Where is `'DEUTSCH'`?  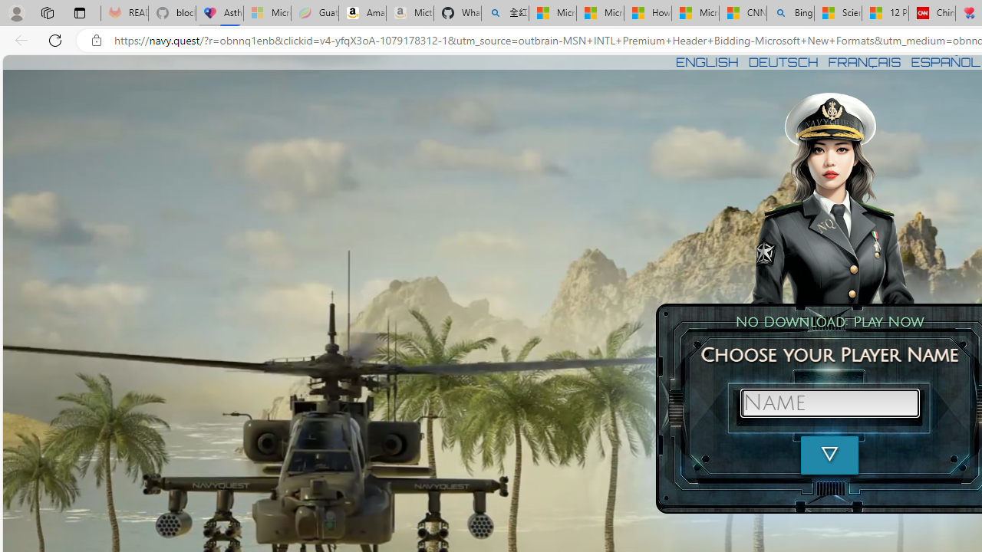
'DEUTSCH' is located at coordinates (783, 61).